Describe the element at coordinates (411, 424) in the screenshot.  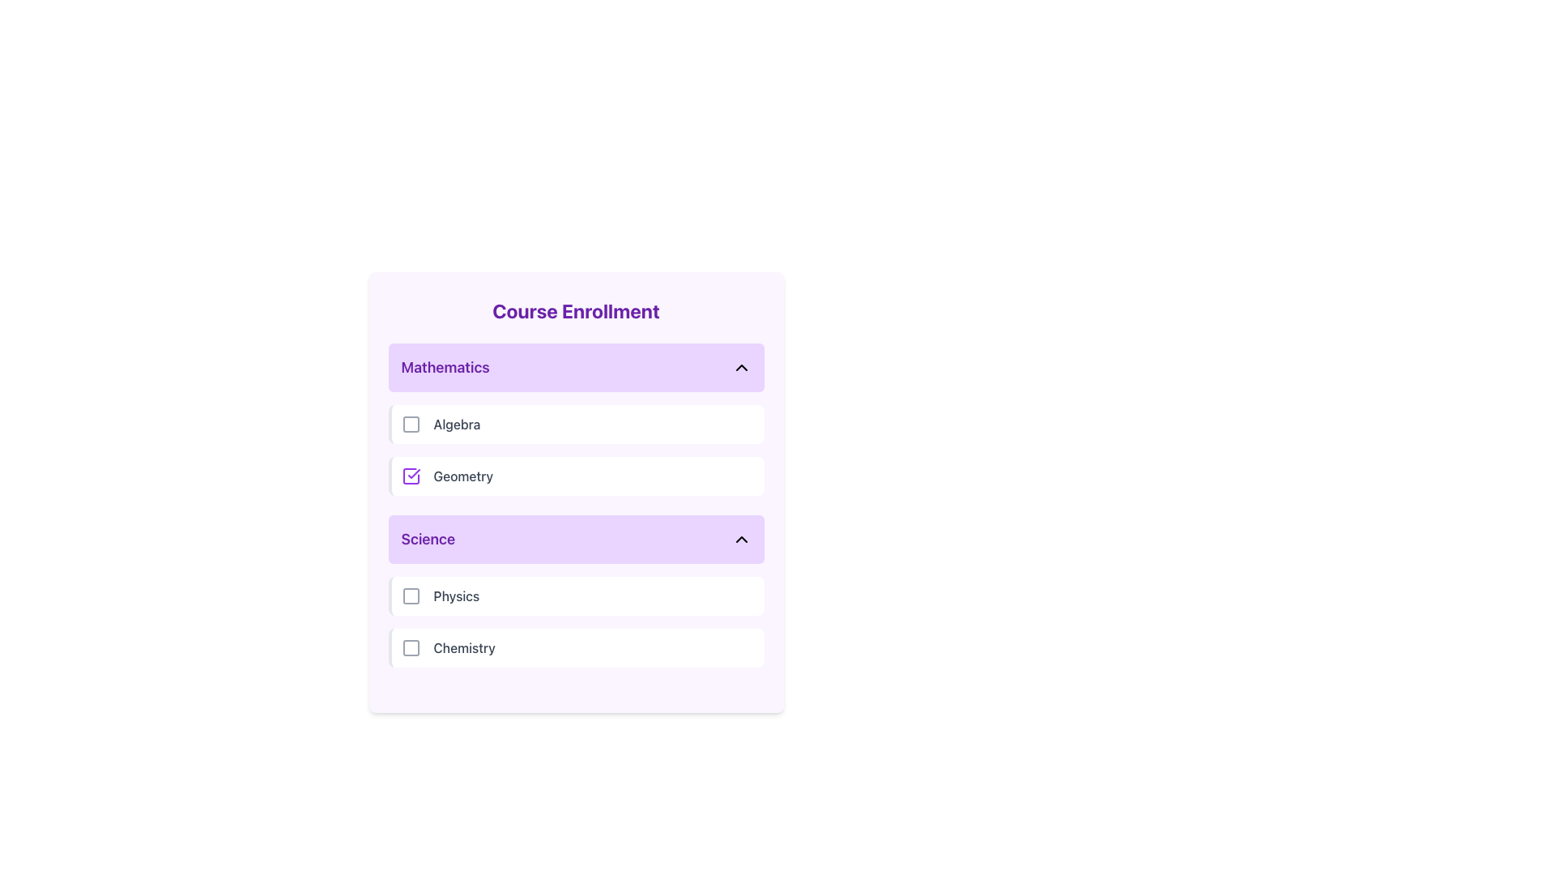
I see `the first icon in the vertical list of course options under the 'Mathematics' section, which indicates 'Algebra'` at that location.